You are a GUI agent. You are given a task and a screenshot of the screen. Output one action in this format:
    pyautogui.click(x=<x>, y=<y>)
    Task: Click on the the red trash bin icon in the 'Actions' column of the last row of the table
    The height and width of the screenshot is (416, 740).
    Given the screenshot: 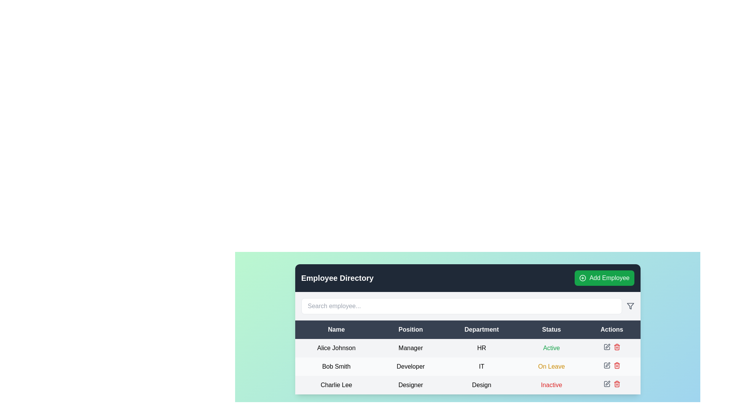 What is the action you would take?
    pyautogui.click(x=617, y=384)
    